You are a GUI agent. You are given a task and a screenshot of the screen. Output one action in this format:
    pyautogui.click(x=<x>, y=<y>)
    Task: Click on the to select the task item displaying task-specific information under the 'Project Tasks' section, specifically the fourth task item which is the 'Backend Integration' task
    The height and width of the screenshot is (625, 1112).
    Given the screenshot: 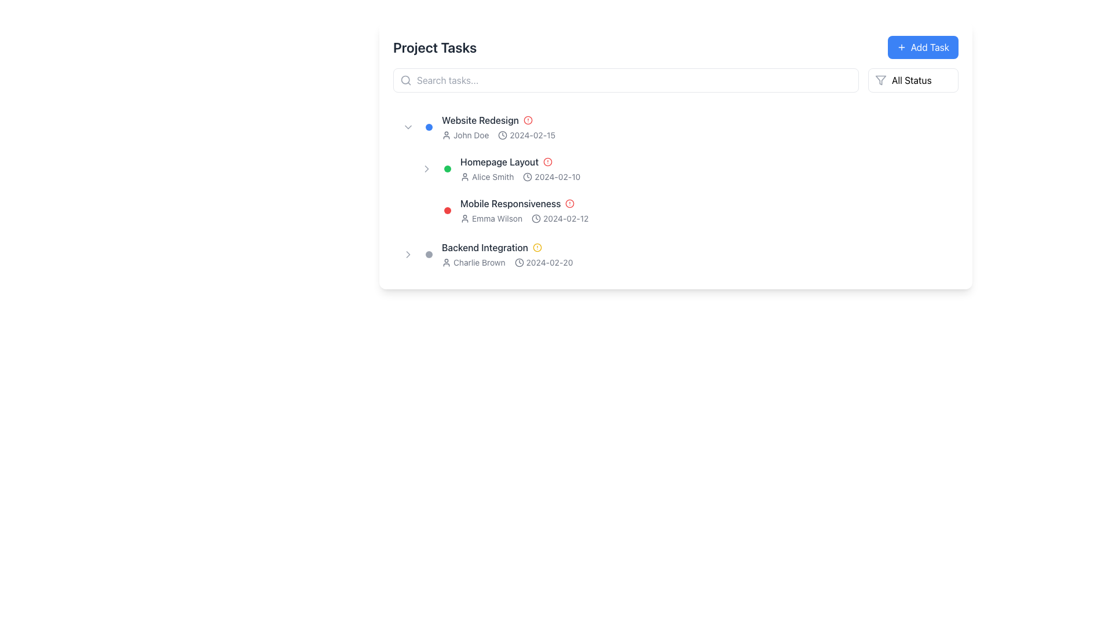 What is the action you would take?
    pyautogui.click(x=675, y=253)
    